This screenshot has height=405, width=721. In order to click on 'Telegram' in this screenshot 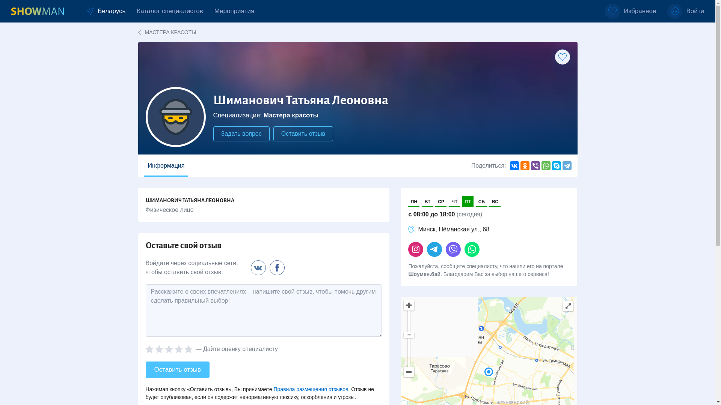, I will do `click(567, 165)`.